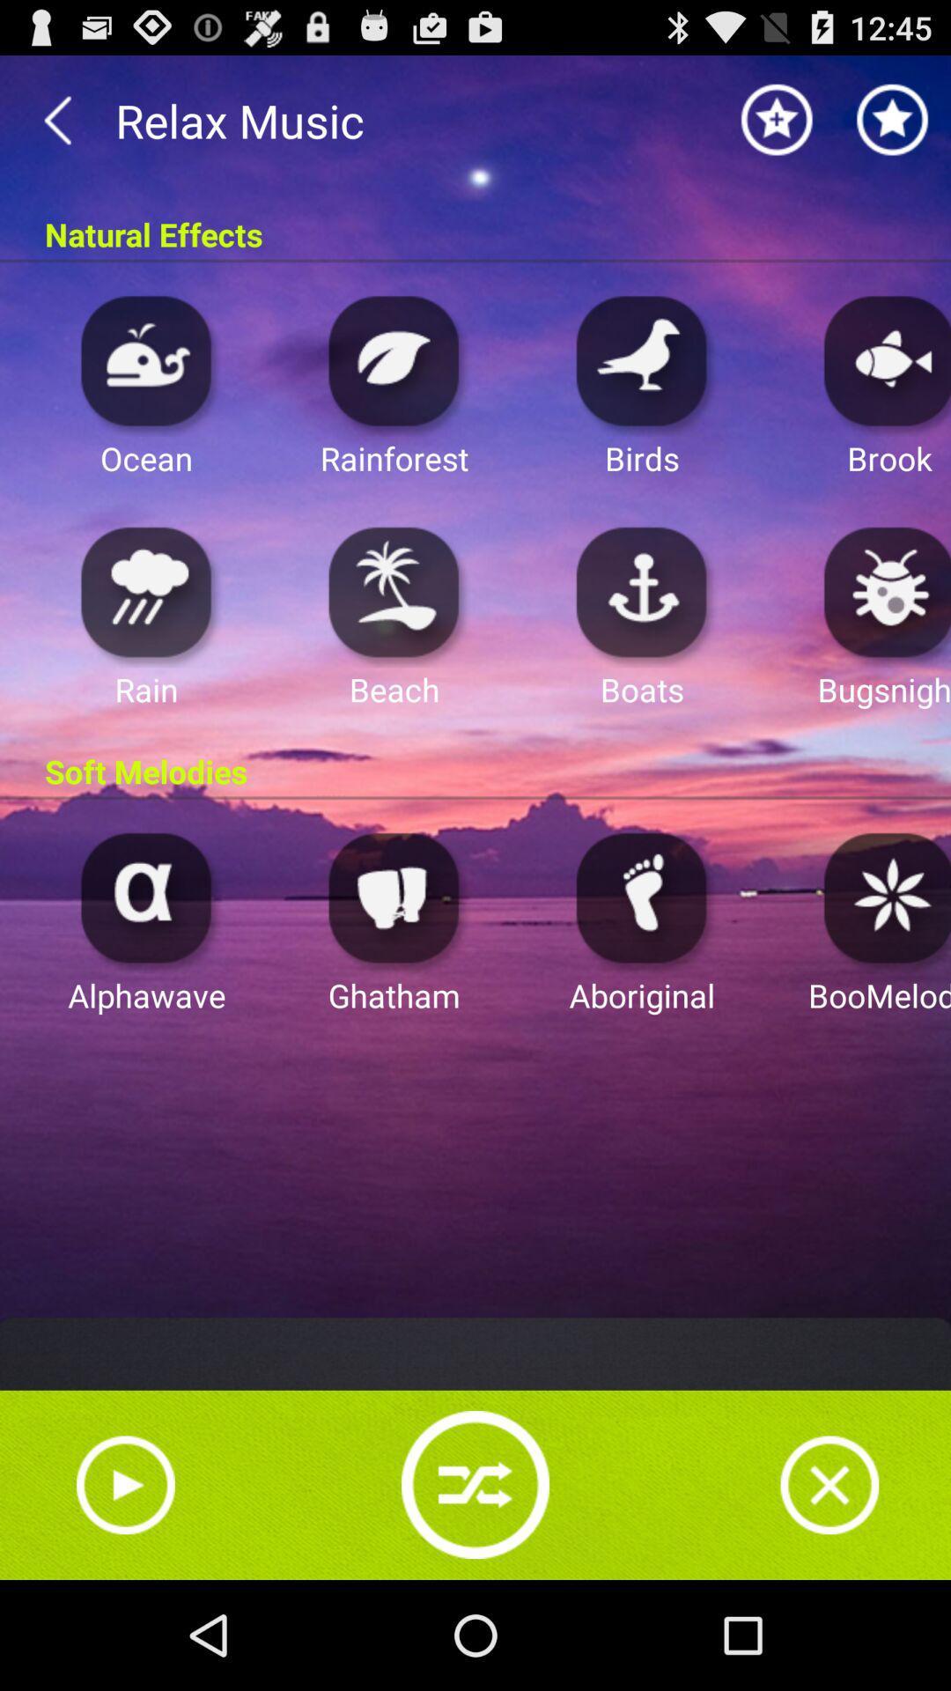 The height and width of the screenshot is (1691, 951). Describe the element at coordinates (882, 359) in the screenshot. I see `sound of brook` at that location.